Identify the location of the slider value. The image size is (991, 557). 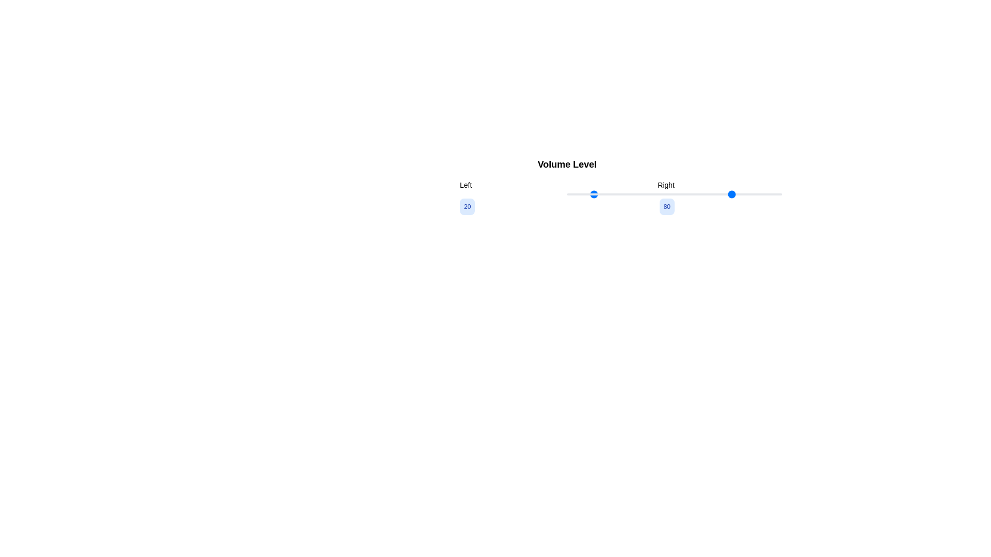
(633, 194).